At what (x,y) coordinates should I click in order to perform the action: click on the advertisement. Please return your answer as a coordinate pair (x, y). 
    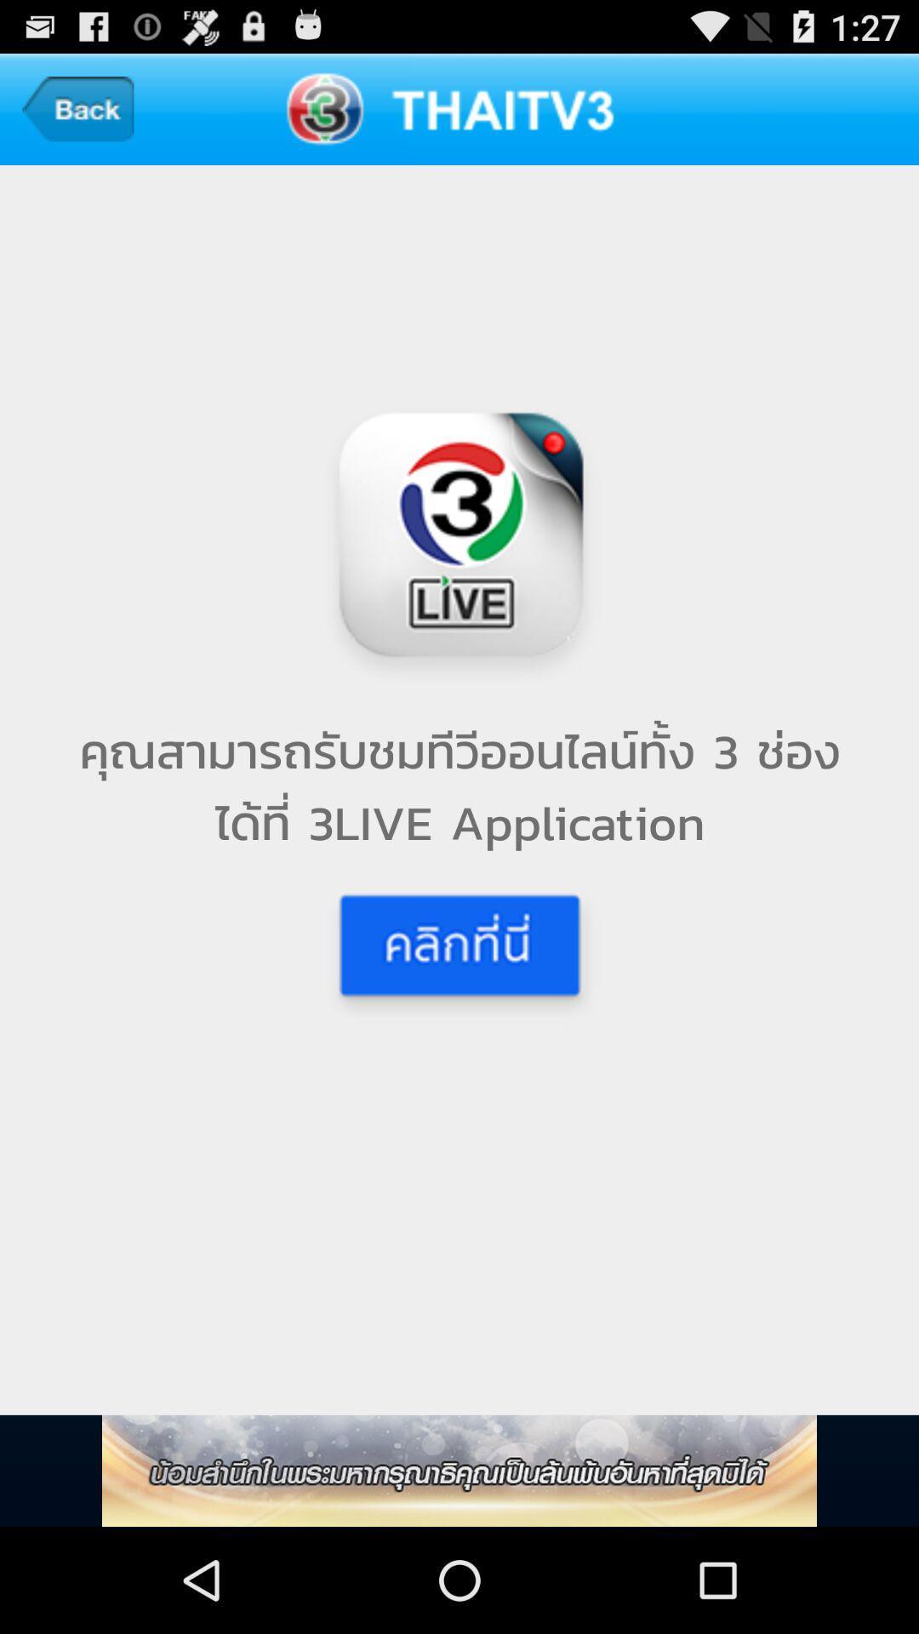
    Looking at the image, I should click on (459, 1470).